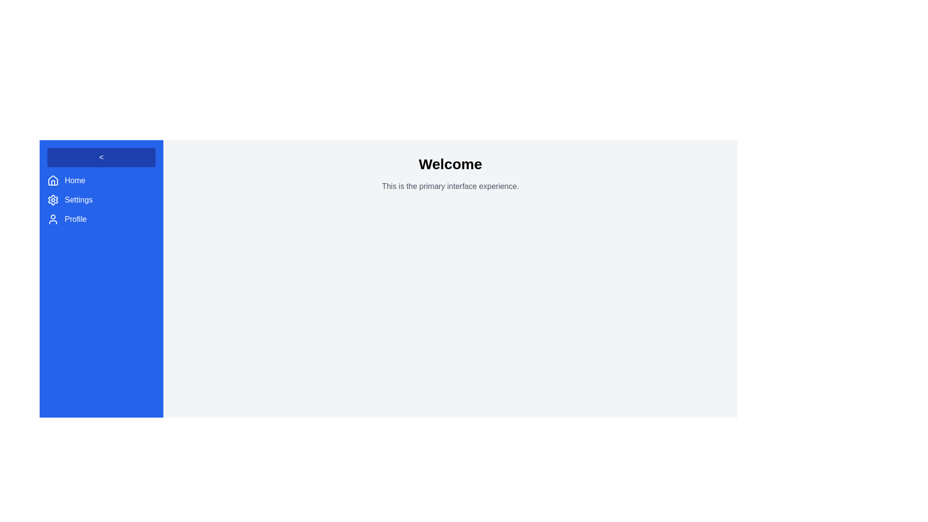 The height and width of the screenshot is (522, 928). I want to click on the house-shaped icon on the blue background located at the top of the left sidebar menu, so click(53, 181).